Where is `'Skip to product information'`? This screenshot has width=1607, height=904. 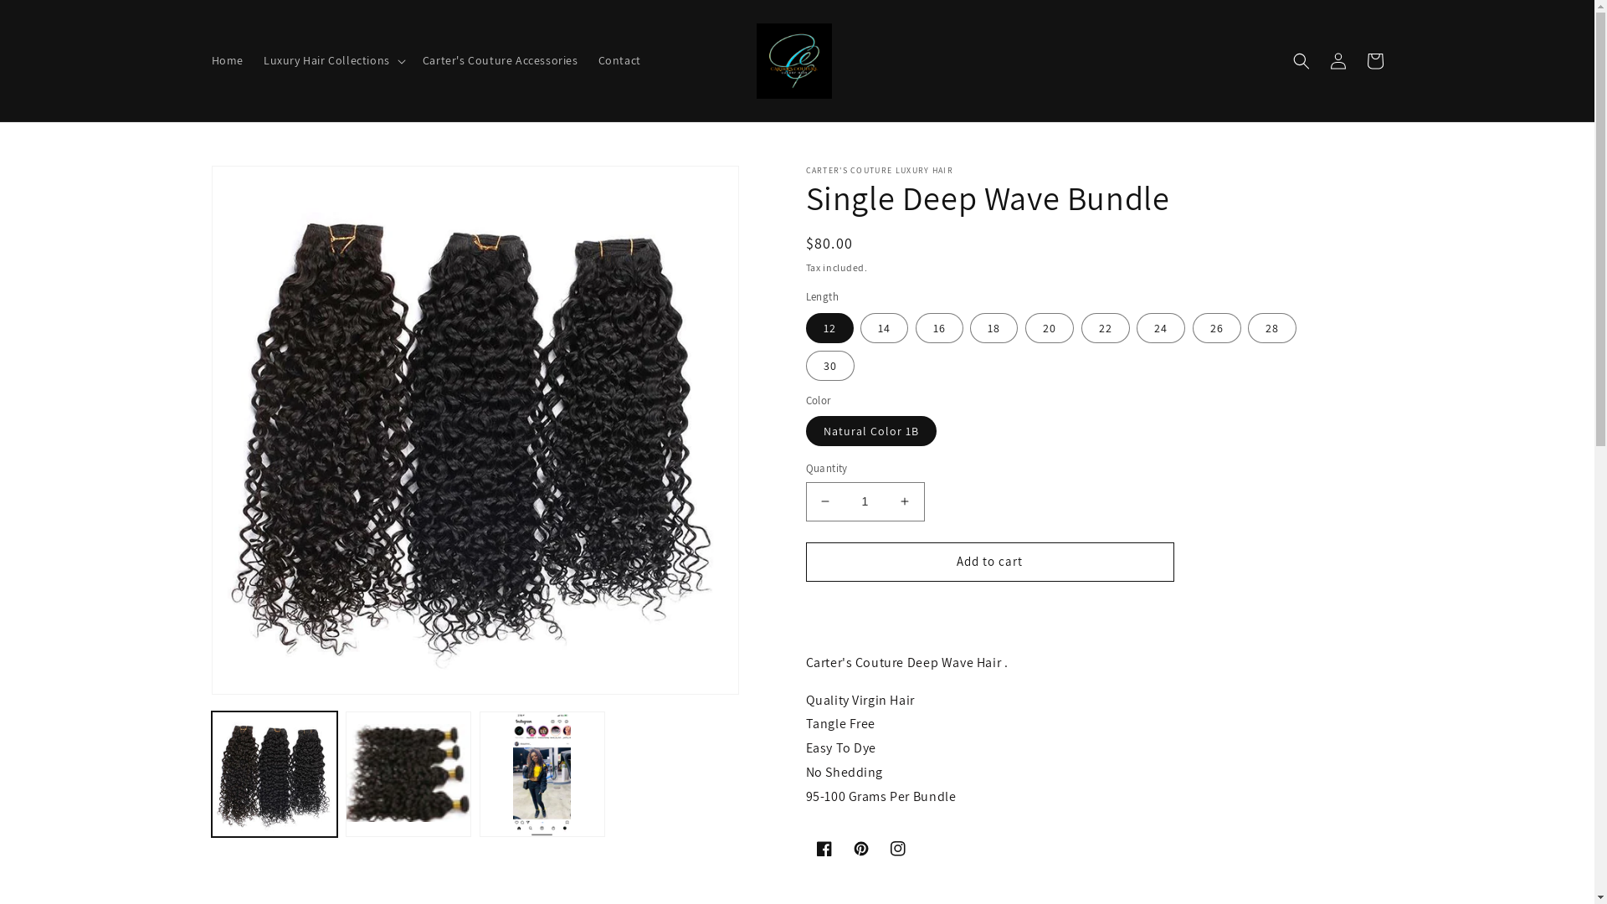 'Skip to product information' is located at coordinates (260, 184).